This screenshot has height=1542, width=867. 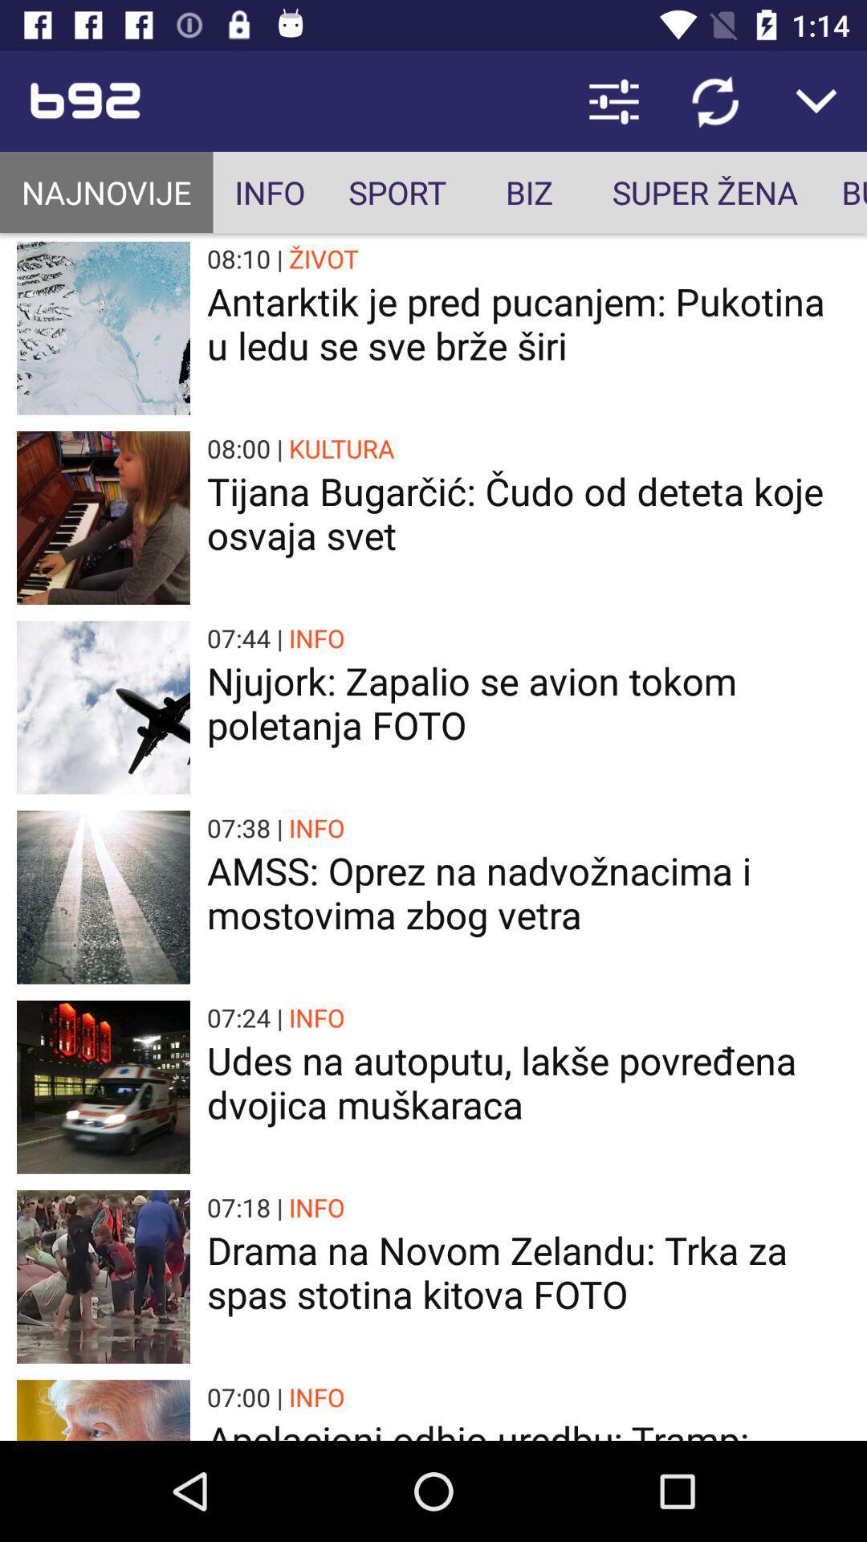 I want to click on the item above the 07:00 |  item, so click(x=528, y=1271).